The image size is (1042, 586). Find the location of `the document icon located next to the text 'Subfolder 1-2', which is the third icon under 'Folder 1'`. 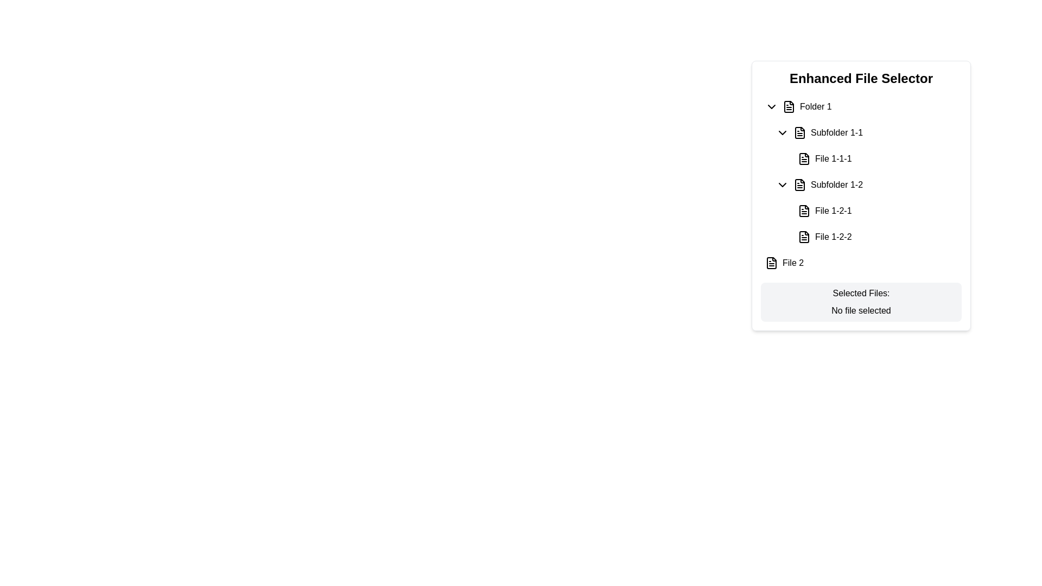

the document icon located next to the text 'Subfolder 1-2', which is the third icon under 'Folder 1' is located at coordinates (799, 184).